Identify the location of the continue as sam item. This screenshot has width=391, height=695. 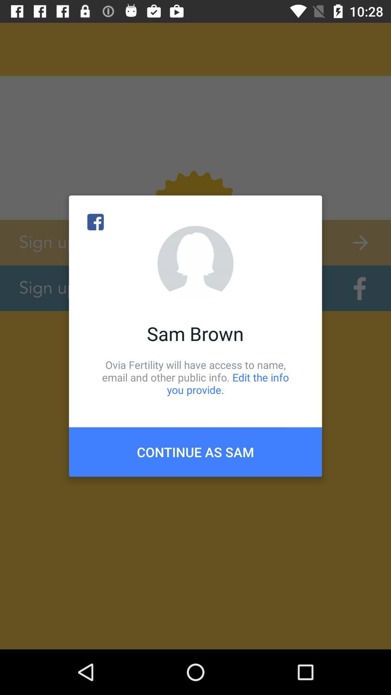
(195, 451).